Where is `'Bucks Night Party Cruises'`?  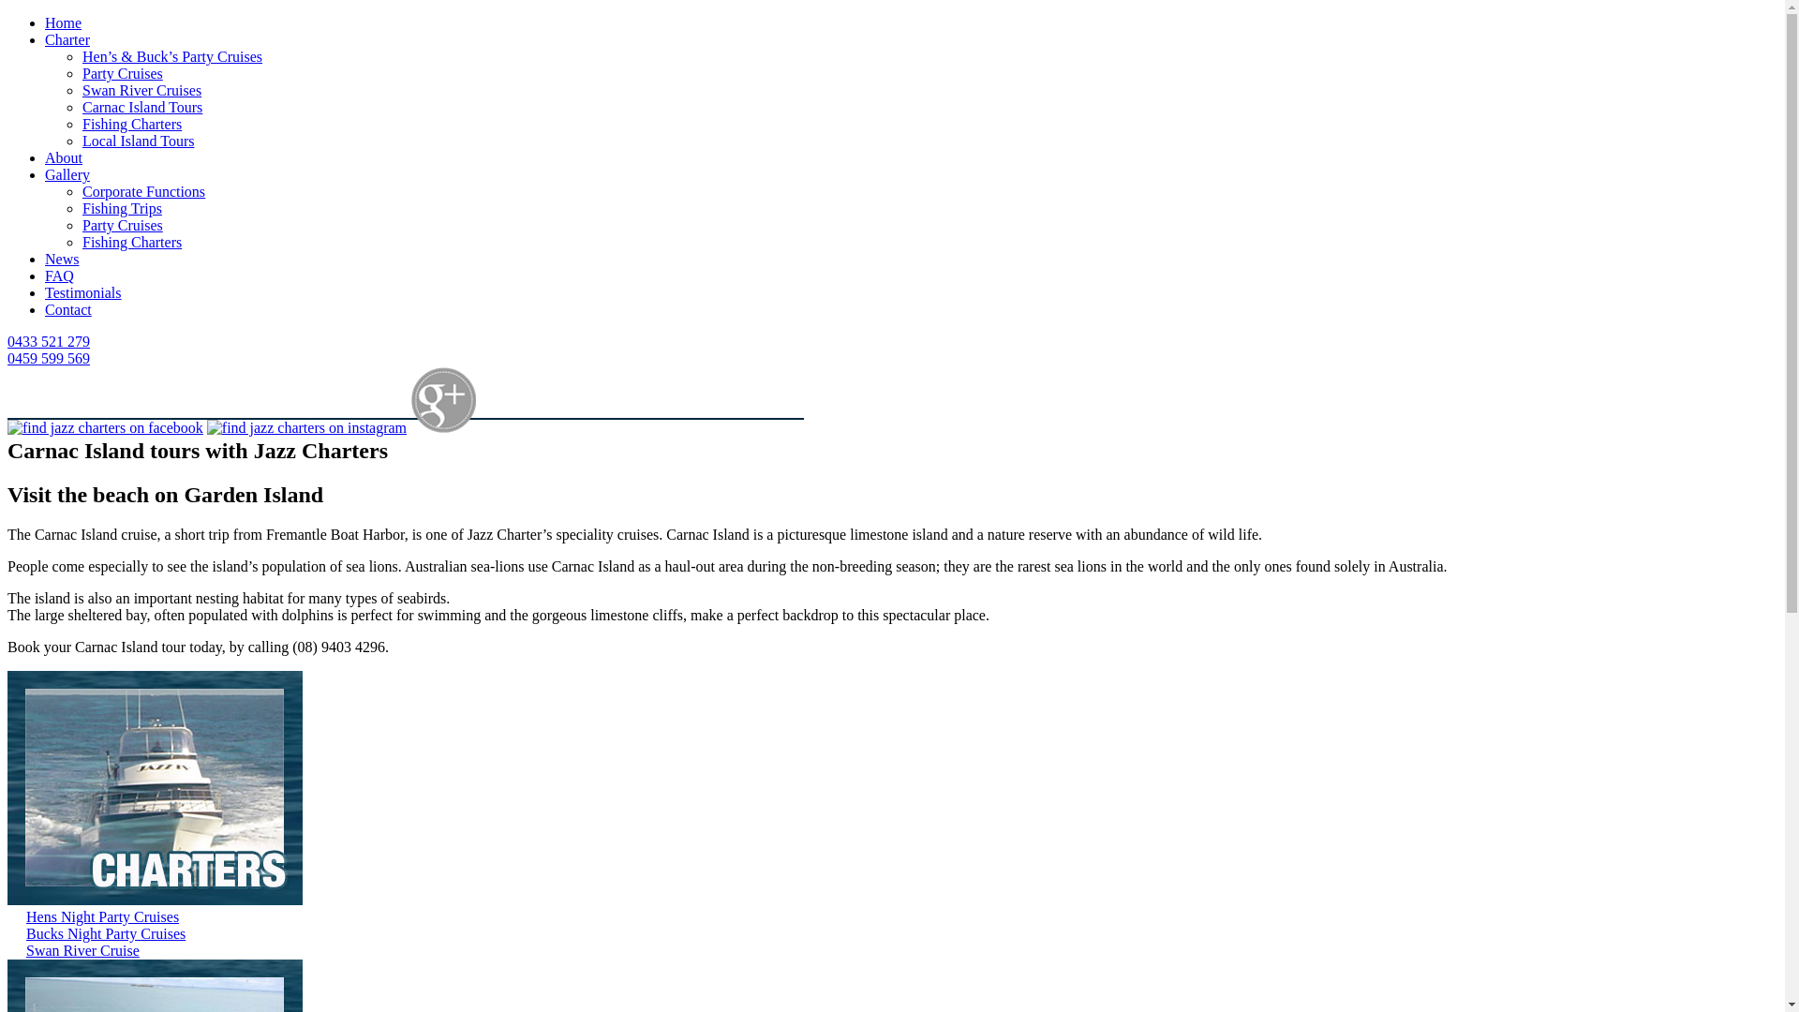 'Bucks Night Party Cruises' is located at coordinates (105, 933).